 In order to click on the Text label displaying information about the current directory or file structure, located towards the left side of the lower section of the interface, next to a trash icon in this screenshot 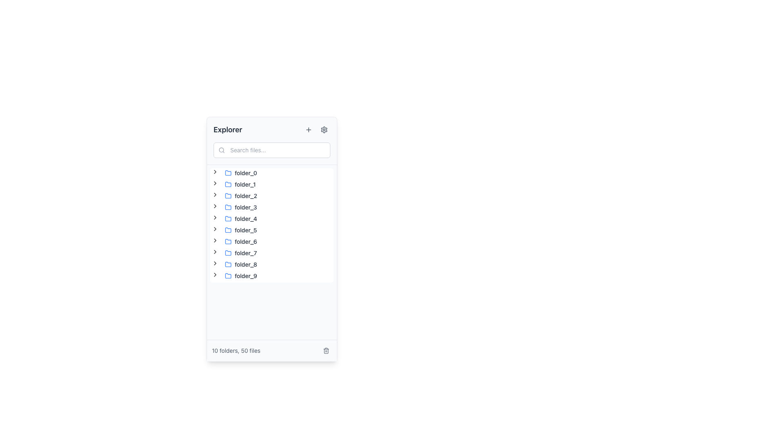, I will do `click(236, 350)`.